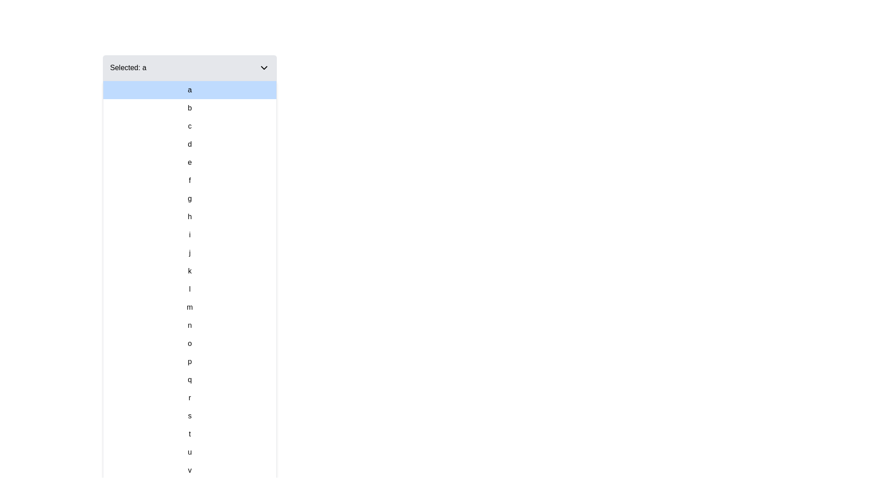 The width and height of the screenshot is (870, 489). I want to click on the text-based list item displaying the letter 'r', which is part of a vertical list of alphabetic characters, positioned between 'q' and 's', so click(189, 398).